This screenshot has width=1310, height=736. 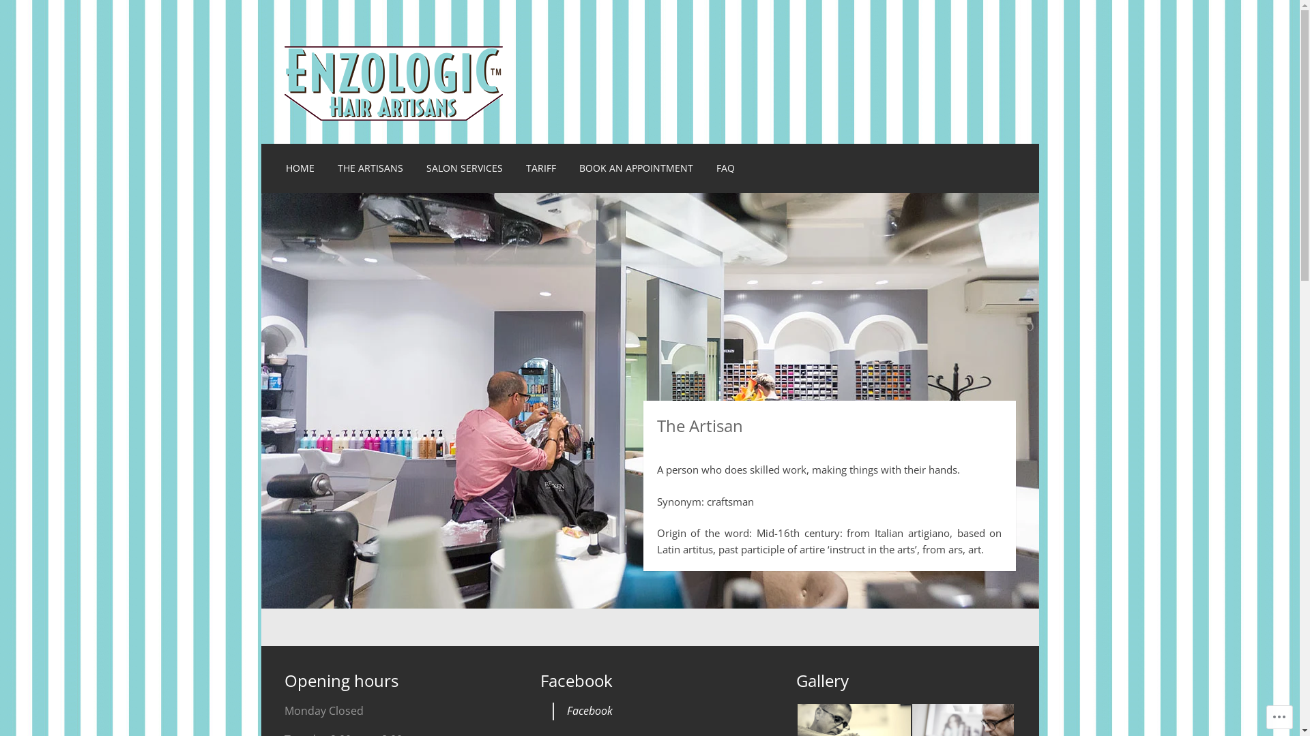 I want to click on 'BOOK AN APPOINTMENT', so click(x=635, y=167).